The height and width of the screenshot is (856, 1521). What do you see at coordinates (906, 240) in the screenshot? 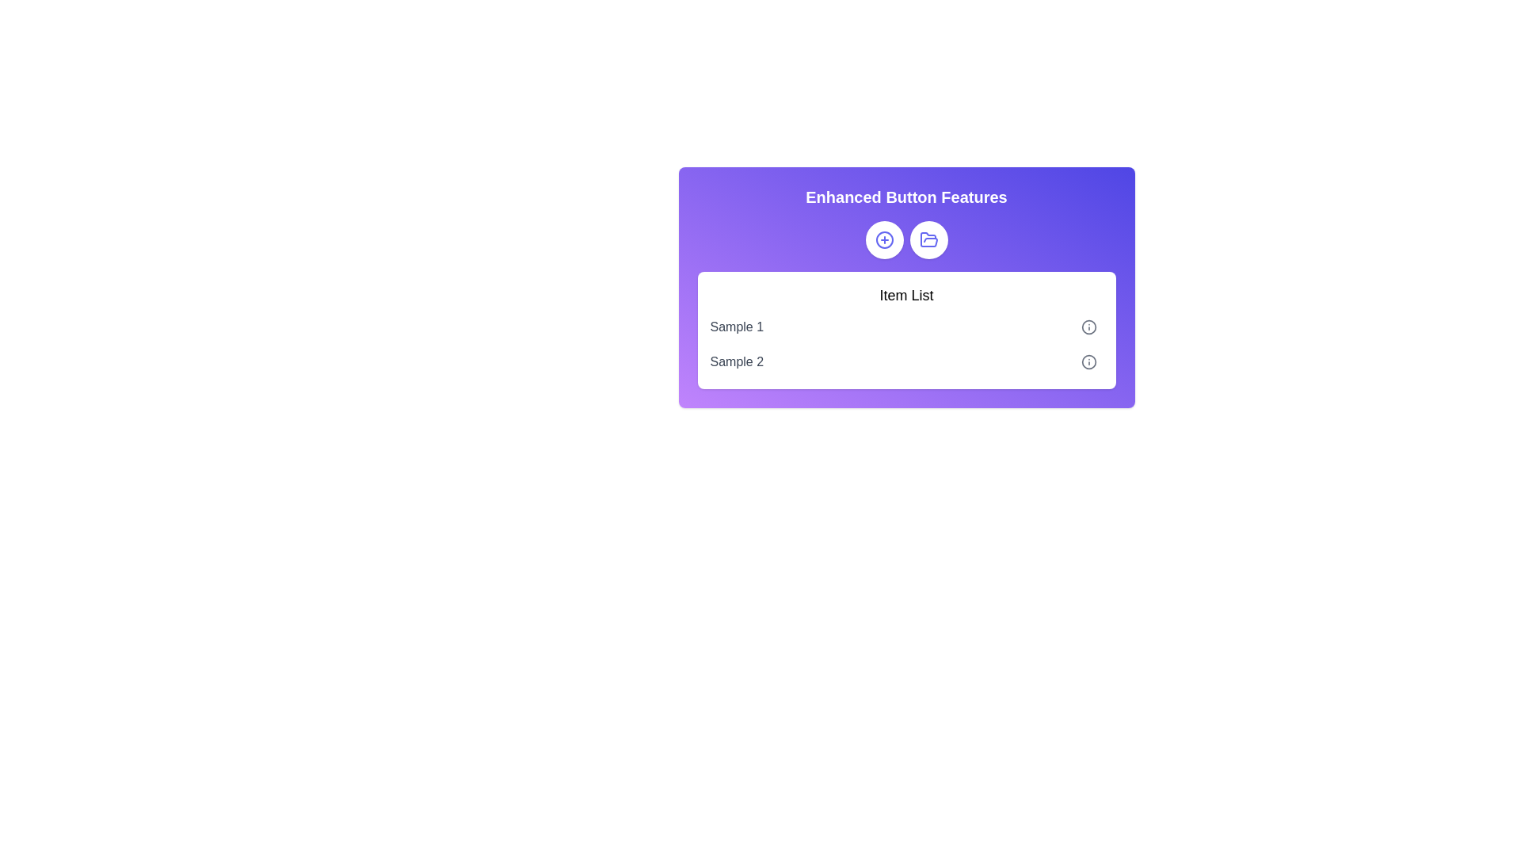
I see `the plus button in the Button Group located below the 'Enhanced Button Features' heading` at bounding box center [906, 240].